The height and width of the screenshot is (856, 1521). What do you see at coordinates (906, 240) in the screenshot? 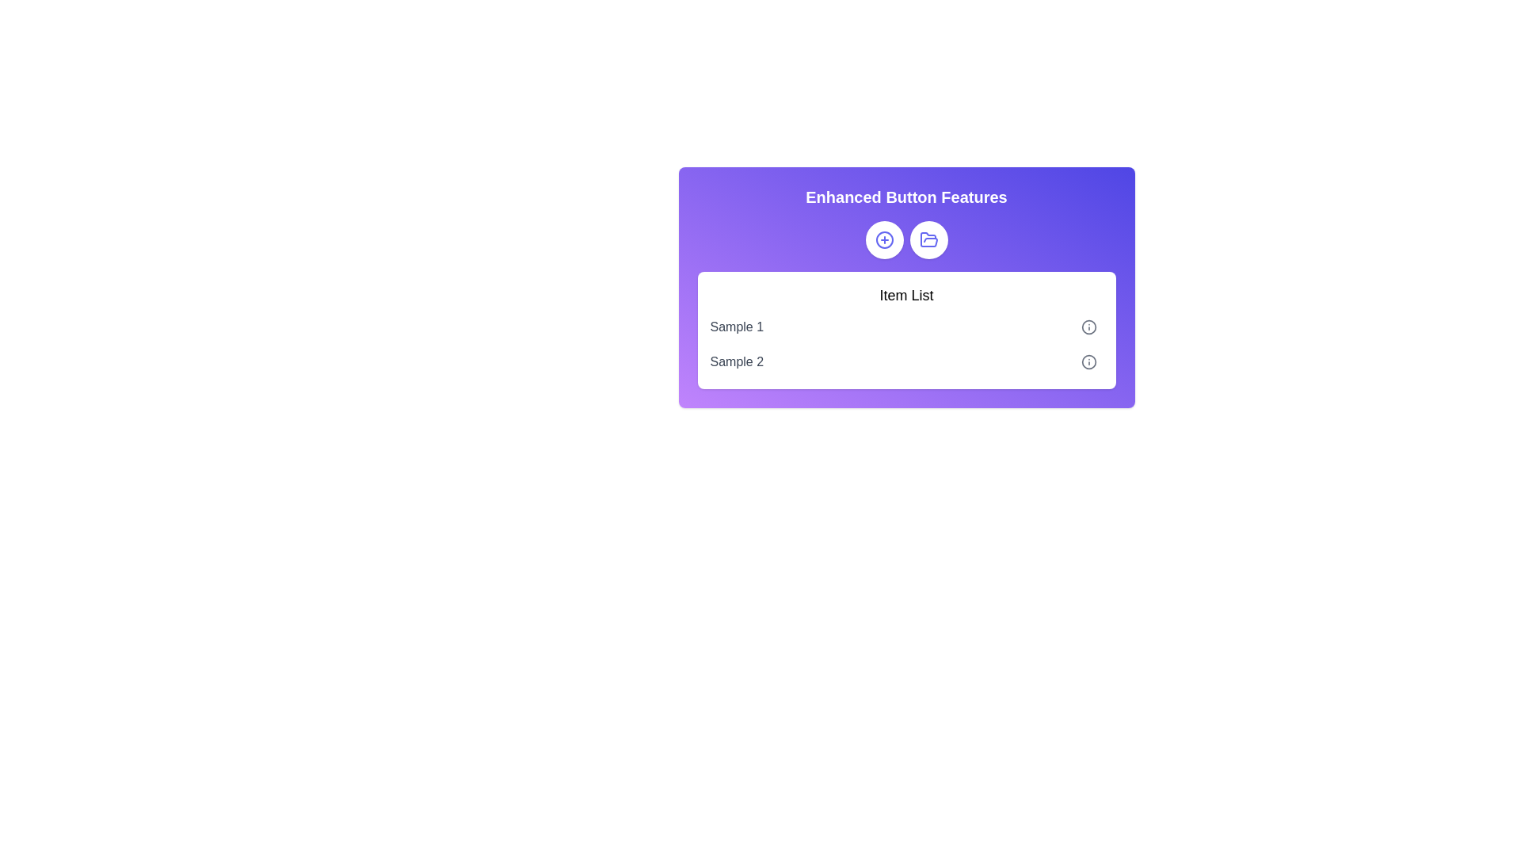
I see `the plus button in the Button Group located below the 'Enhanced Button Features' heading` at bounding box center [906, 240].